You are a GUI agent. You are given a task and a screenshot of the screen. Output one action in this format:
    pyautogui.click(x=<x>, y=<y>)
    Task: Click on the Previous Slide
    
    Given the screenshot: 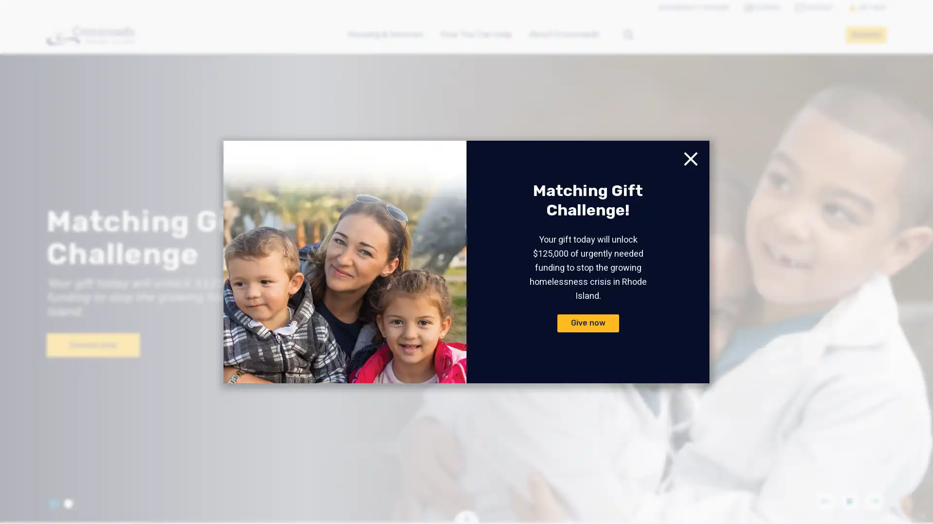 What is the action you would take?
    pyautogui.click(x=825, y=501)
    